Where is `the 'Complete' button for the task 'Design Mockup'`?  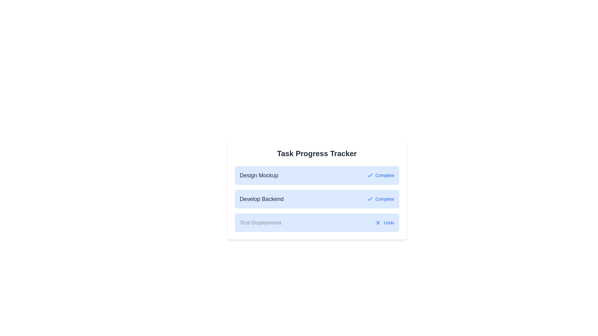
the 'Complete' button for the task 'Design Mockup' is located at coordinates (380, 175).